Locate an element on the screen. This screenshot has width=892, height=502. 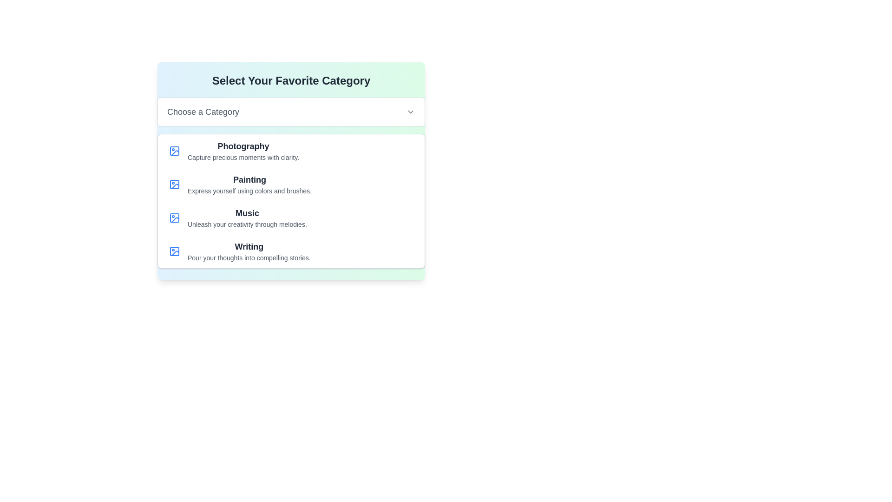
the 'Photography' category heading, which is displayed in bold and large gray font, located in the section labeled 'Select Your Favorite Category.' is located at coordinates (243, 146).